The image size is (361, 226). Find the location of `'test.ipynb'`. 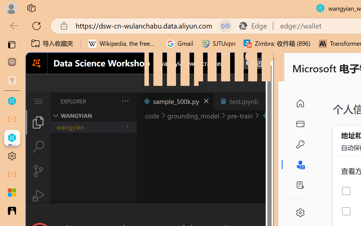

'test.ipynb' is located at coordinates (244, 101).